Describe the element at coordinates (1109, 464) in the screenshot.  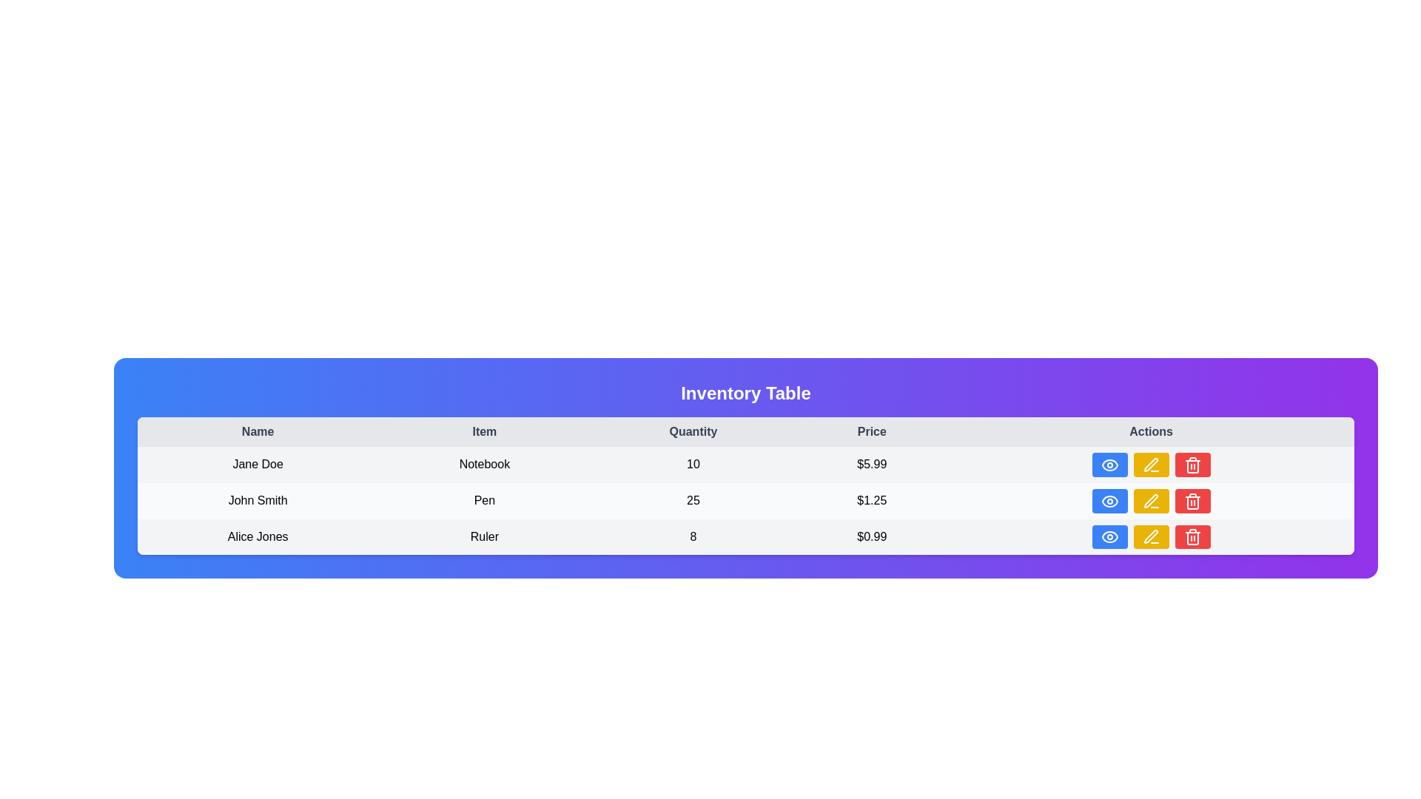
I see `the eye icon within the blue button located in the 'Actions' column of the inventory table for 'John Smith'` at that location.